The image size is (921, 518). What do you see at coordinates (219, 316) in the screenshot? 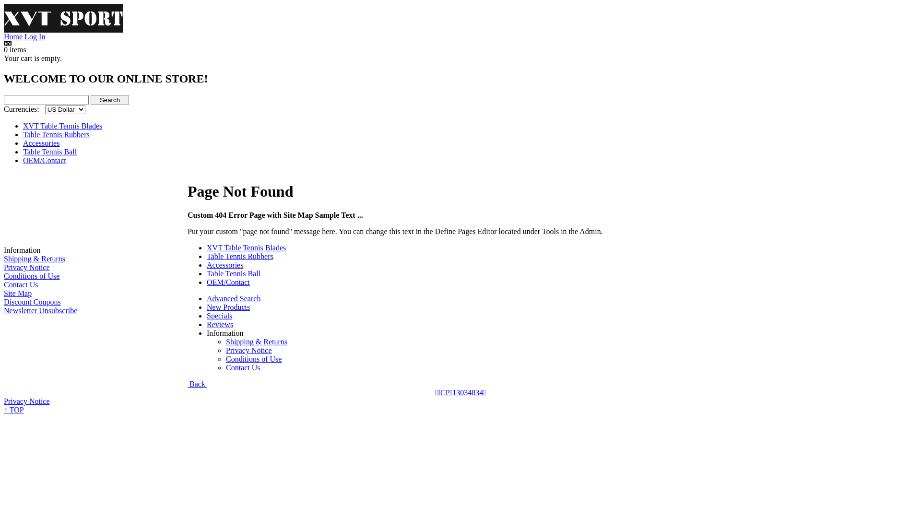
I see `'Specials'` at bounding box center [219, 316].